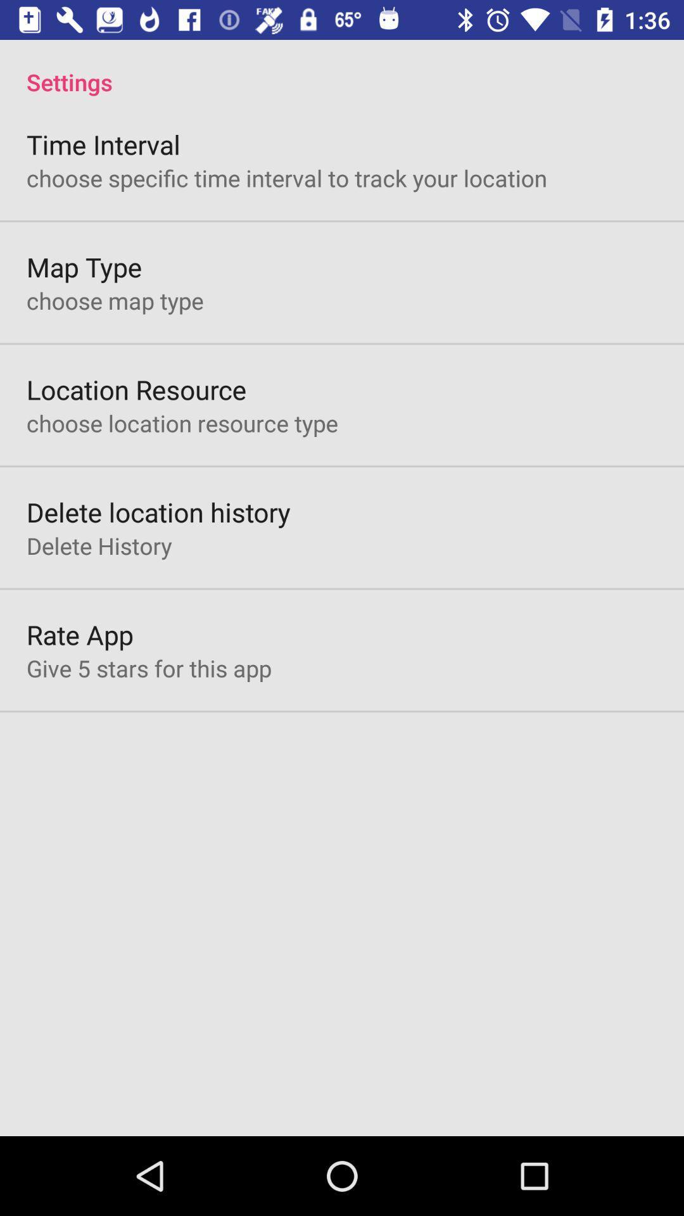  What do you see at coordinates (286, 177) in the screenshot?
I see `choose specific time item` at bounding box center [286, 177].